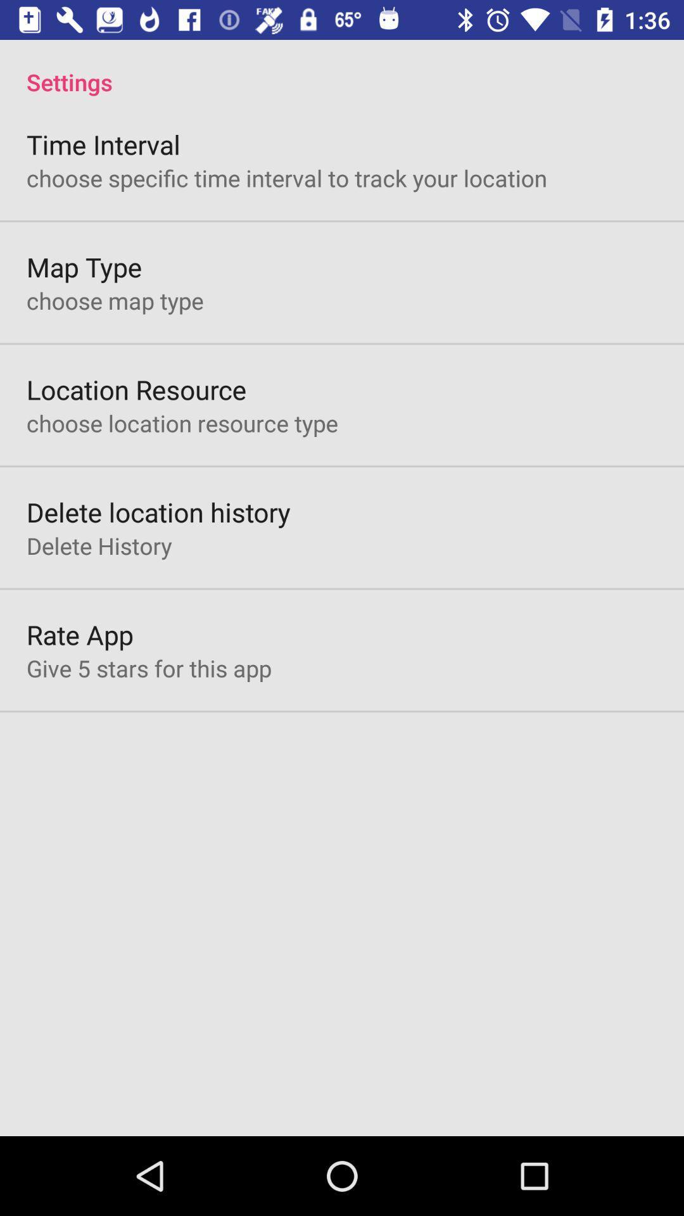  What do you see at coordinates (286, 177) in the screenshot?
I see `choose specific time item` at bounding box center [286, 177].